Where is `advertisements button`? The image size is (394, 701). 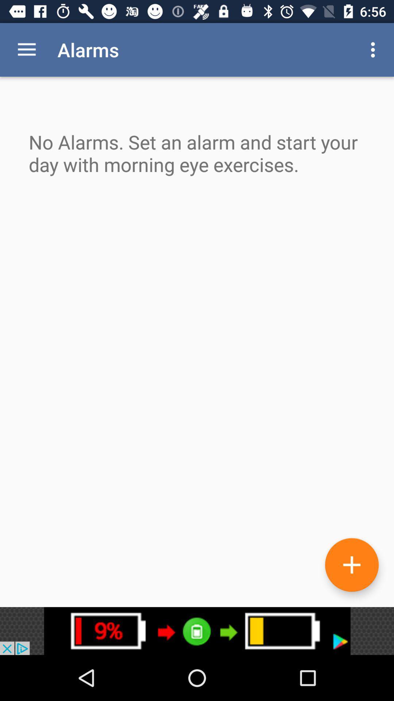 advertisements button is located at coordinates (197, 631).